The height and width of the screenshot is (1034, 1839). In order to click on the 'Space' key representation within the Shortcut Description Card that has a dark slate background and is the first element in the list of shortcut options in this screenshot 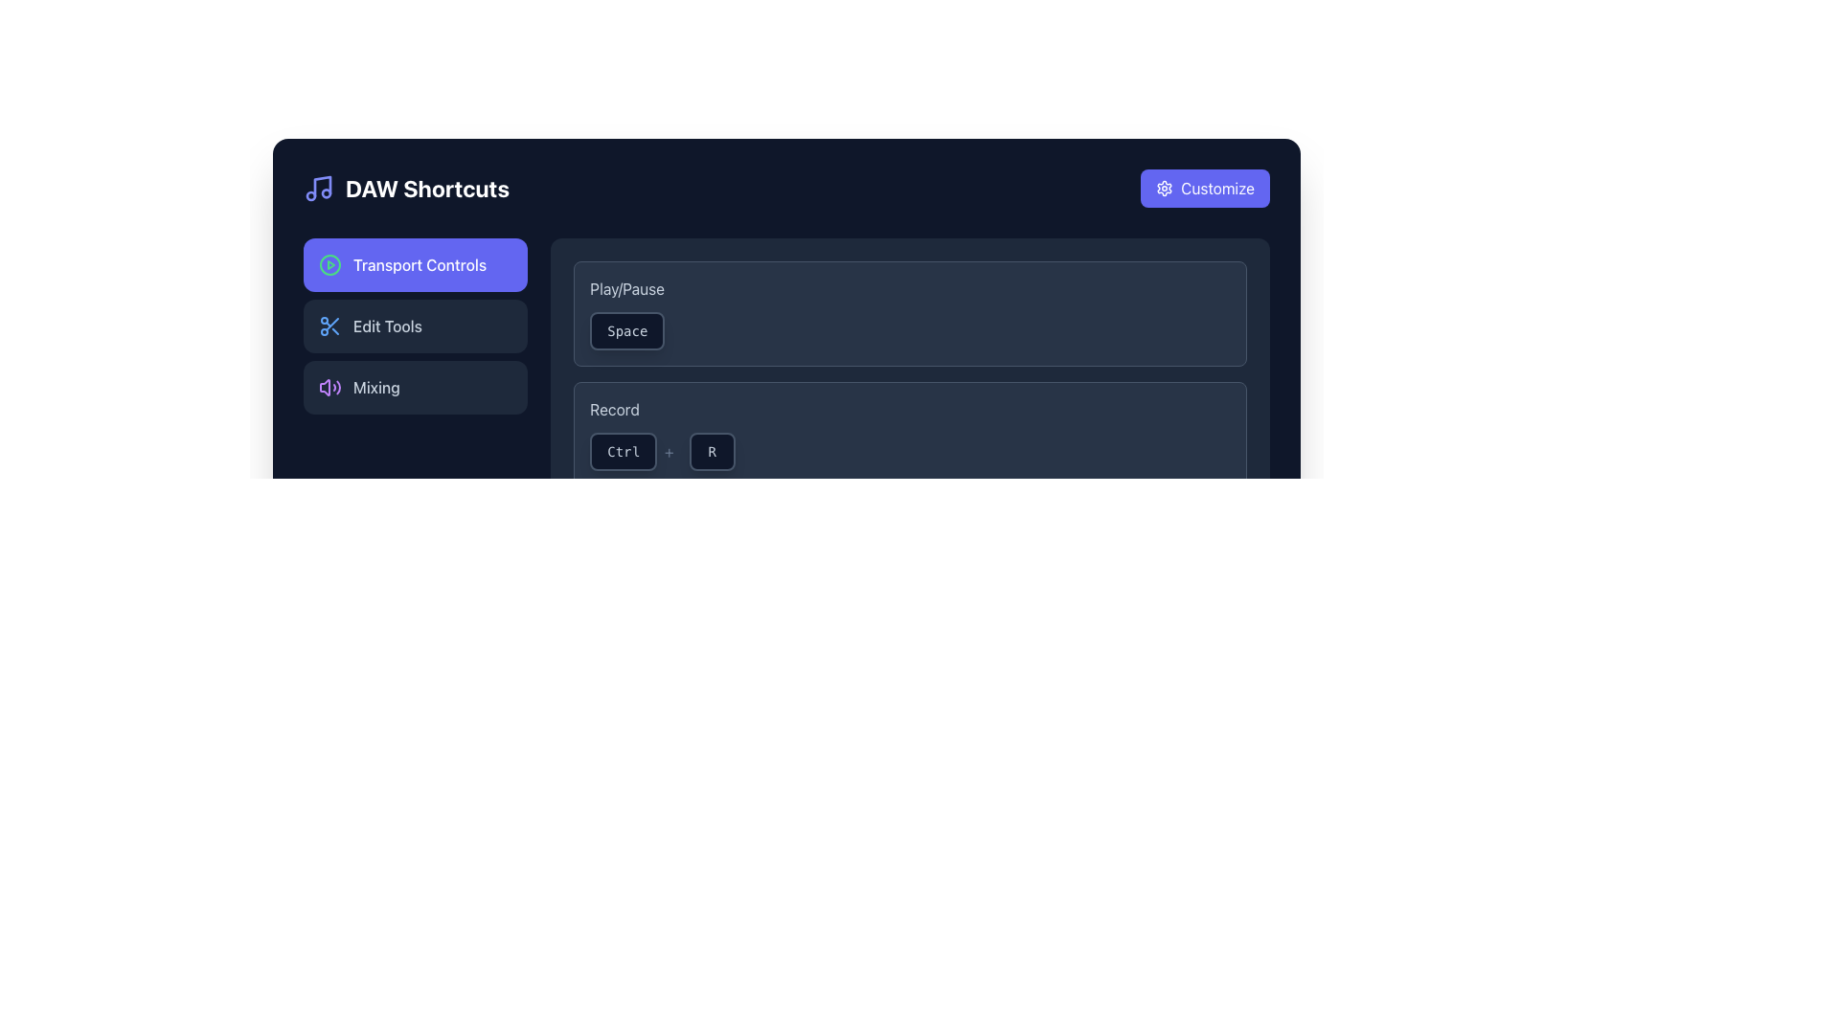, I will do `click(909, 312)`.